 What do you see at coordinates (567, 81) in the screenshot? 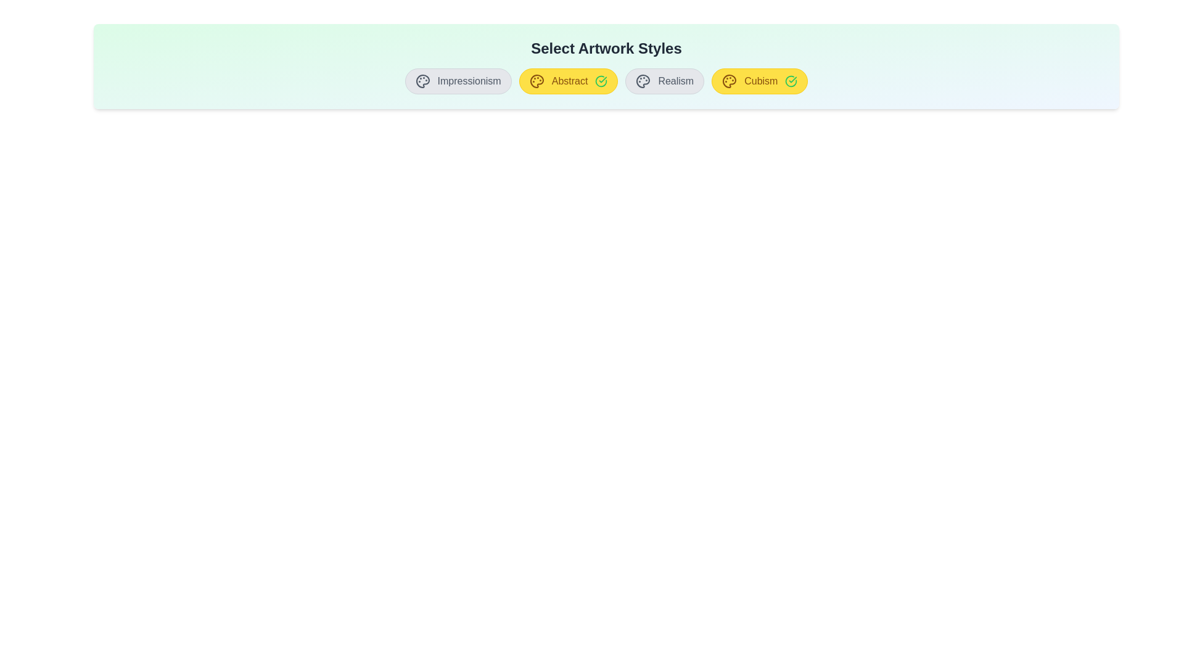
I see `the artwork style button corresponding to Abstract` at bounding box center [567, 81].